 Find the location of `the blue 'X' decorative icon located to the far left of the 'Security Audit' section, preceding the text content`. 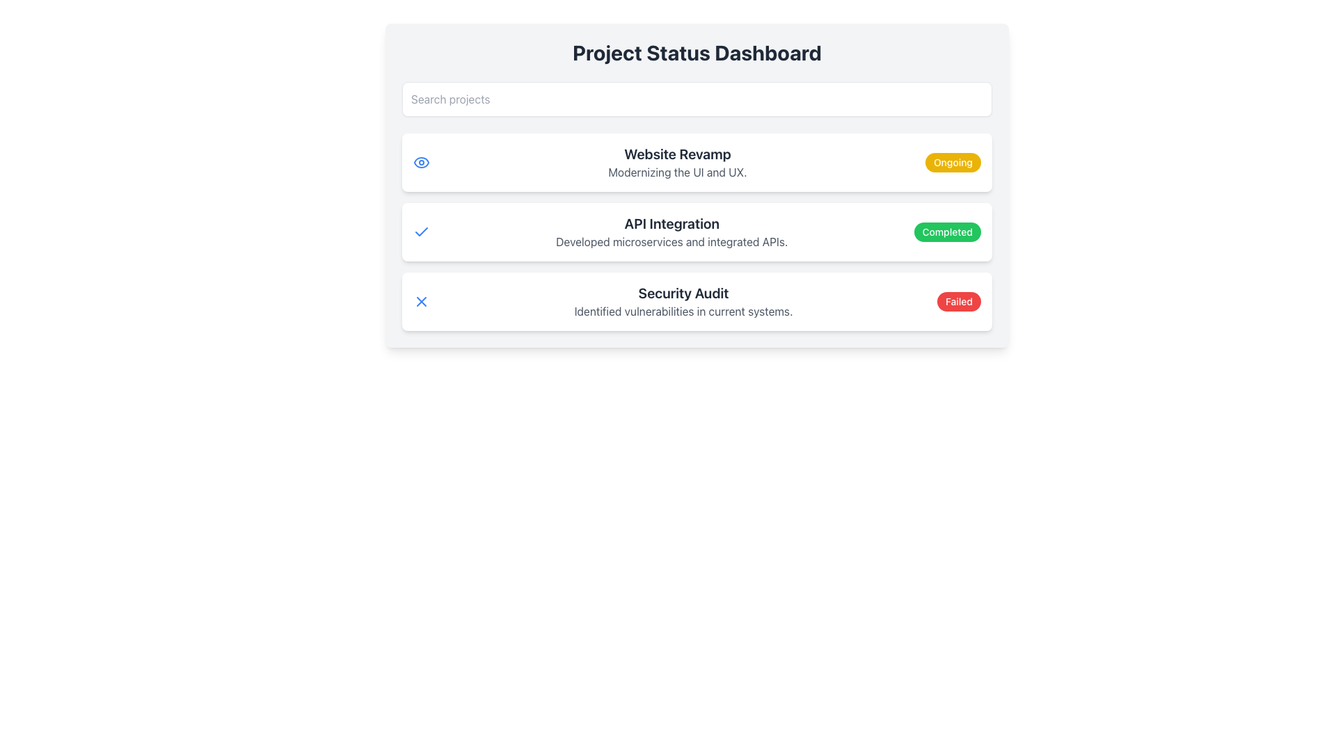

the blue 'X' decorative icon located to the far left of the 'Security Audit' section, preceding the text content is located at coordinates (420, 301).